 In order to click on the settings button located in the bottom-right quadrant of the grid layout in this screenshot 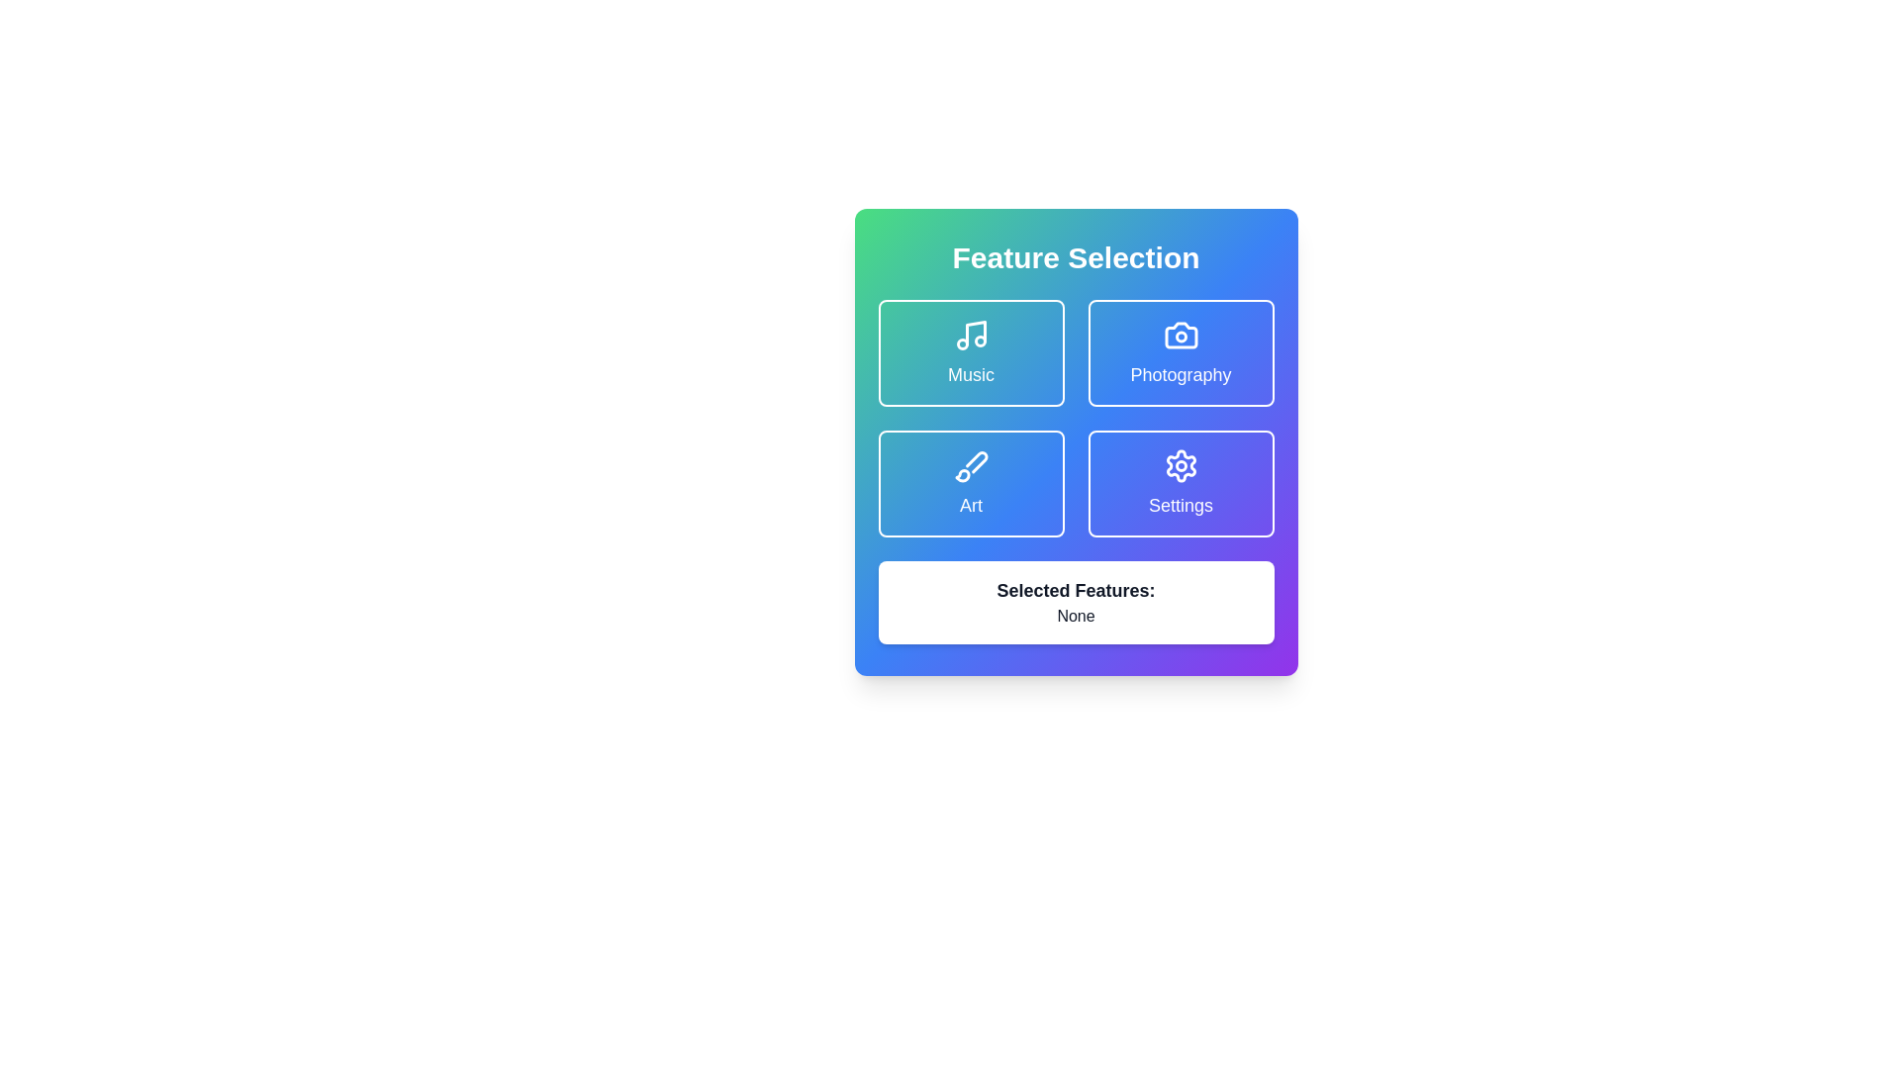, I will do `click(1181, 484)`.